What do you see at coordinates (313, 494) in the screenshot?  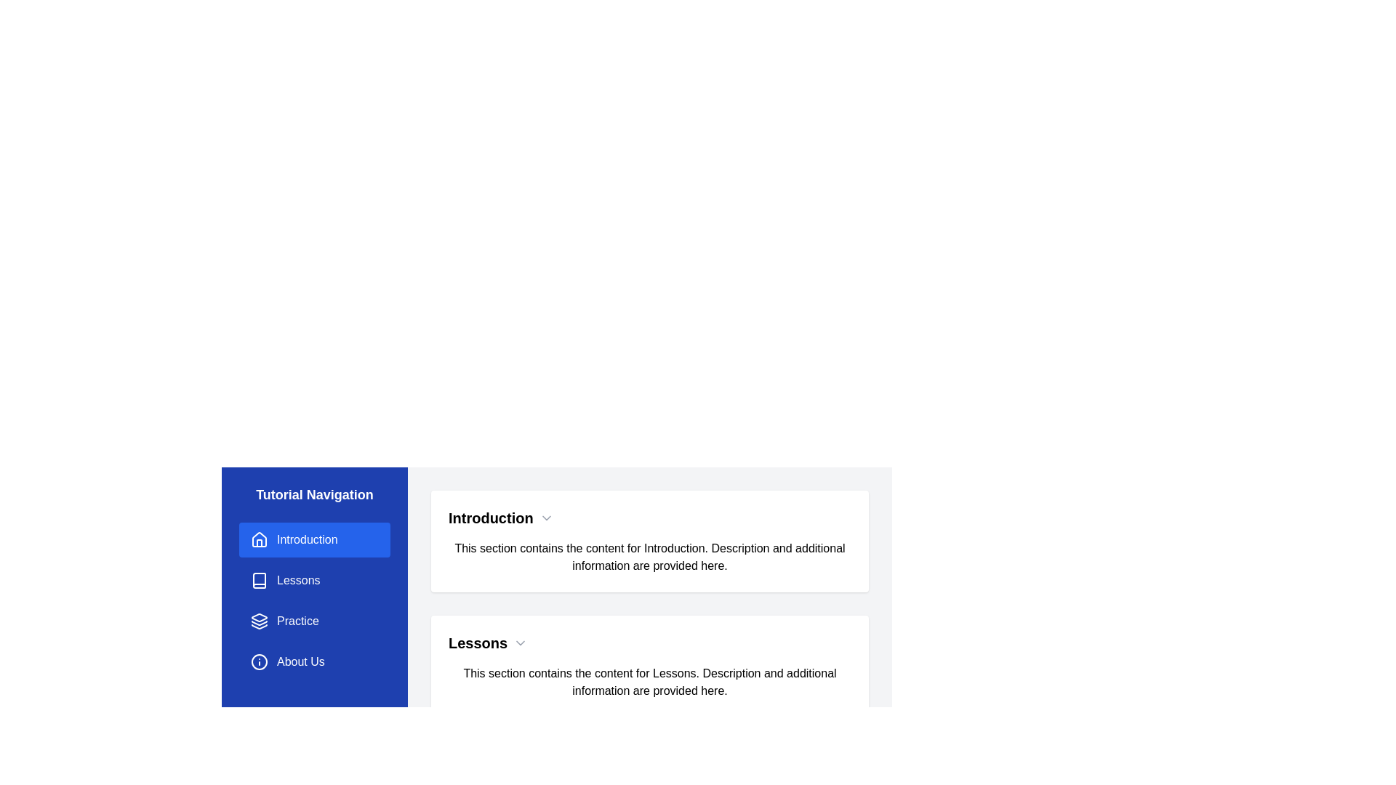 I see `the title text label in the sidebar that indicates the purpose of the navigation panel, located at the upper part of the sidebar, above links like 'Introduction' and 'Lessons'` at bounding box center [313, 494].